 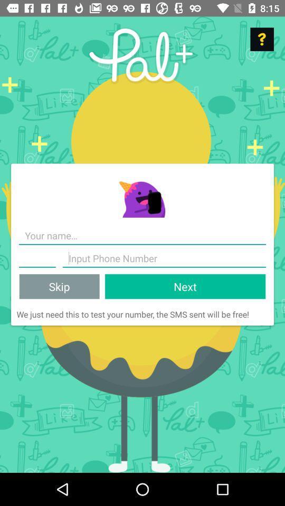 I want to click on icon next to the skip item, so click(x=185, y=286).